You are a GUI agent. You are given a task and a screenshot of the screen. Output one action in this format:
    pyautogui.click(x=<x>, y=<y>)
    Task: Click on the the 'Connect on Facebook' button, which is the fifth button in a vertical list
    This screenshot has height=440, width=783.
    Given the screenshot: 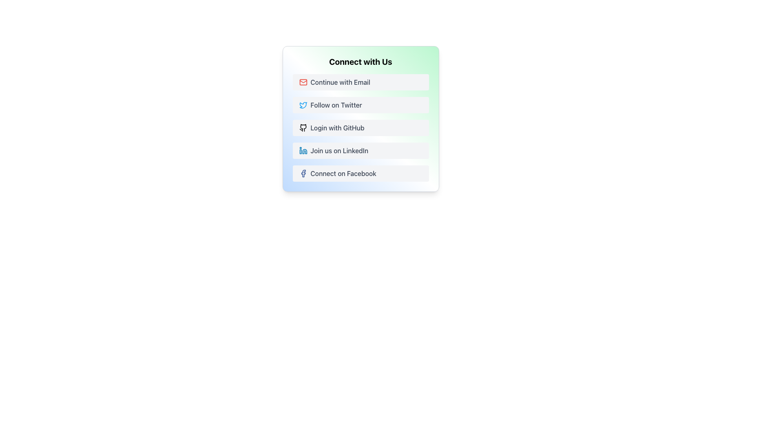 What is the action you would take?
    pyautogui.click(x=360, y=173)
    